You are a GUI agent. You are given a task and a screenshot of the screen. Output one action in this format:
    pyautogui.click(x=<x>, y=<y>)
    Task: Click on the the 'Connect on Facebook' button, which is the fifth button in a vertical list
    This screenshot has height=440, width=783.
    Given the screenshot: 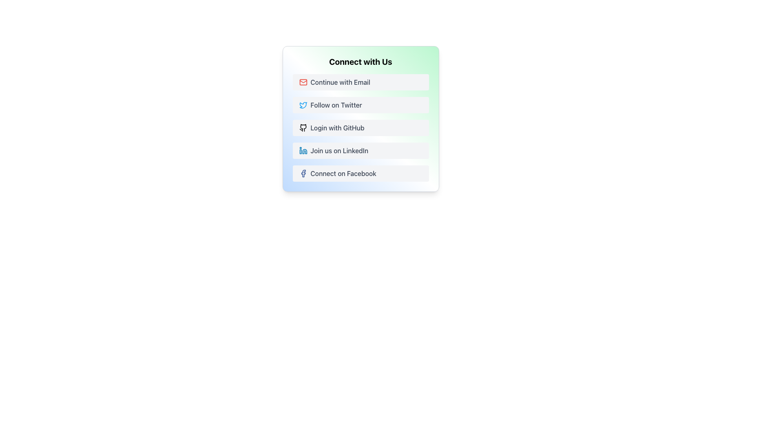 What is the action you would take?
    pyautogui.click(x=360, y=173)
    